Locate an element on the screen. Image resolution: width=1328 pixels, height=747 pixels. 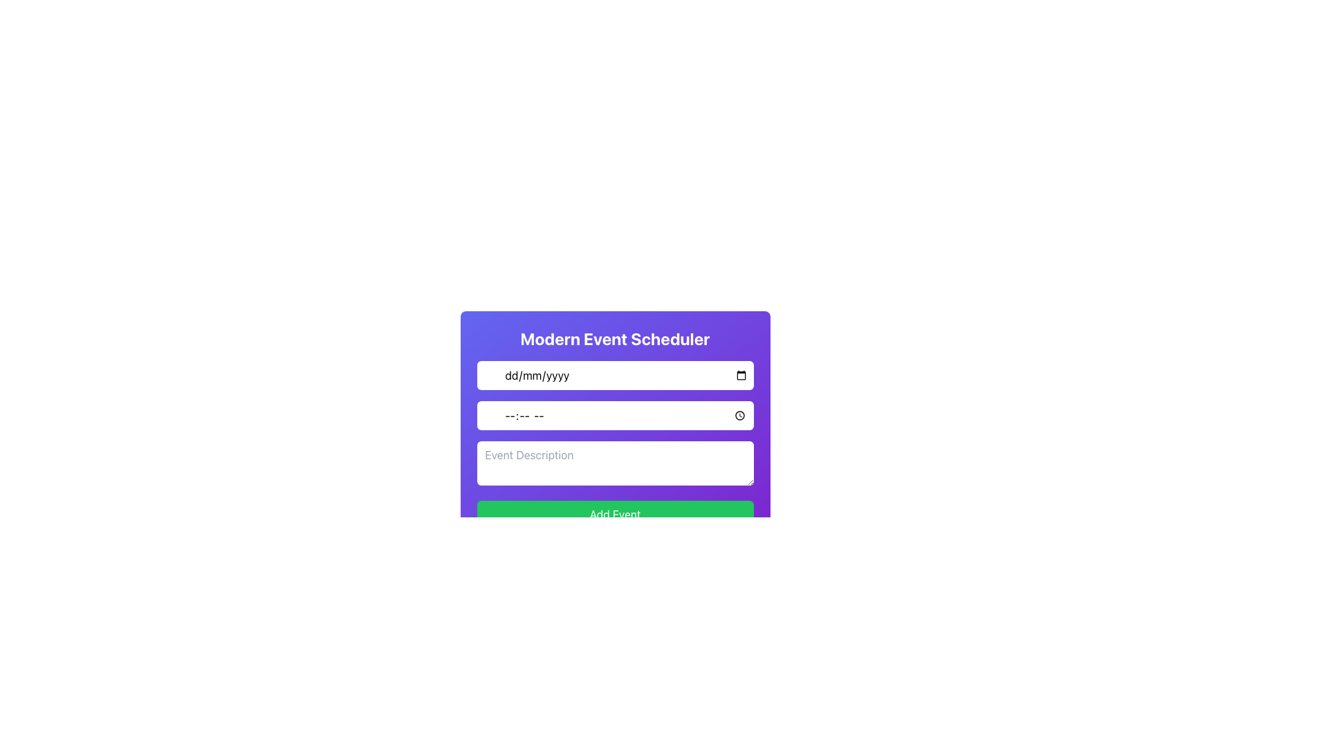
the Static Text Header located at the top center of the application interface, which serves as the title and identification of the application's purpose is located at coordinates (614, 338).